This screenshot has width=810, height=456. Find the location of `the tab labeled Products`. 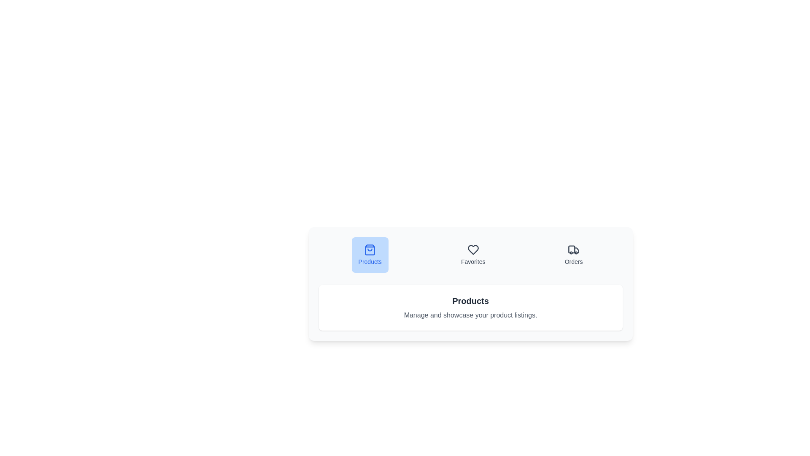

the tab labeled Products is located at coordinates (370, 255).